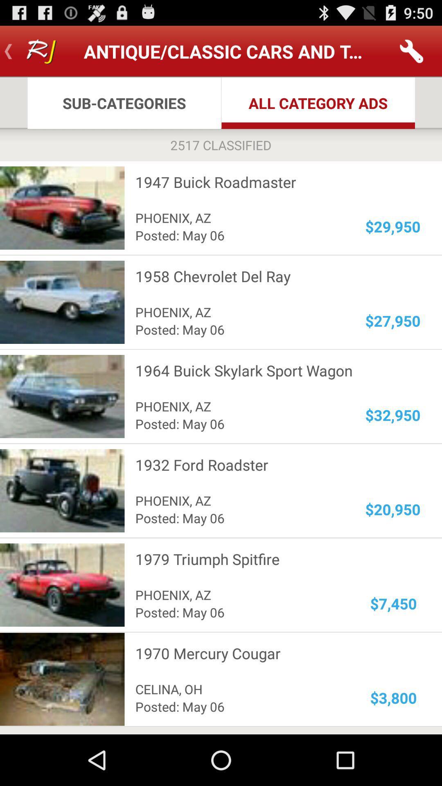 This screenshot has height=786, width=442. I want to click on the app to the right of antique classic cars app, so click(412, 51).